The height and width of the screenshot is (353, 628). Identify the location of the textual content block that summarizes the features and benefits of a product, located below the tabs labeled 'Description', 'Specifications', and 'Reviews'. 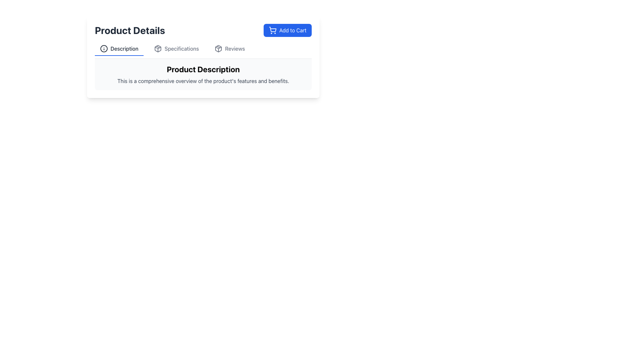
(203, 74).